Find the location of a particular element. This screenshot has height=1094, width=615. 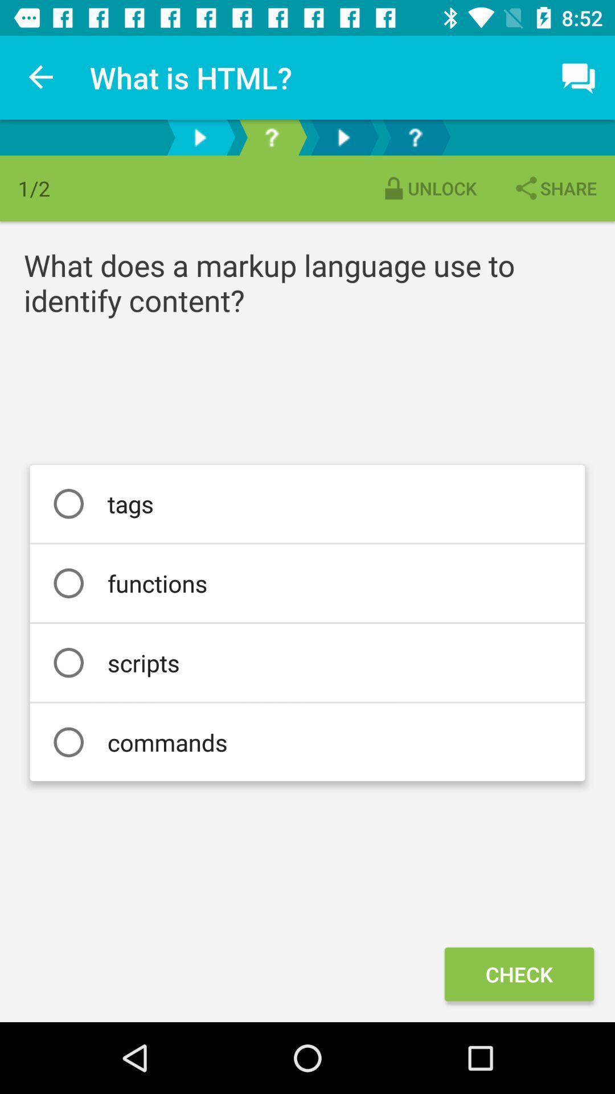

icon next to share icon is located at coordinates (428, 188).